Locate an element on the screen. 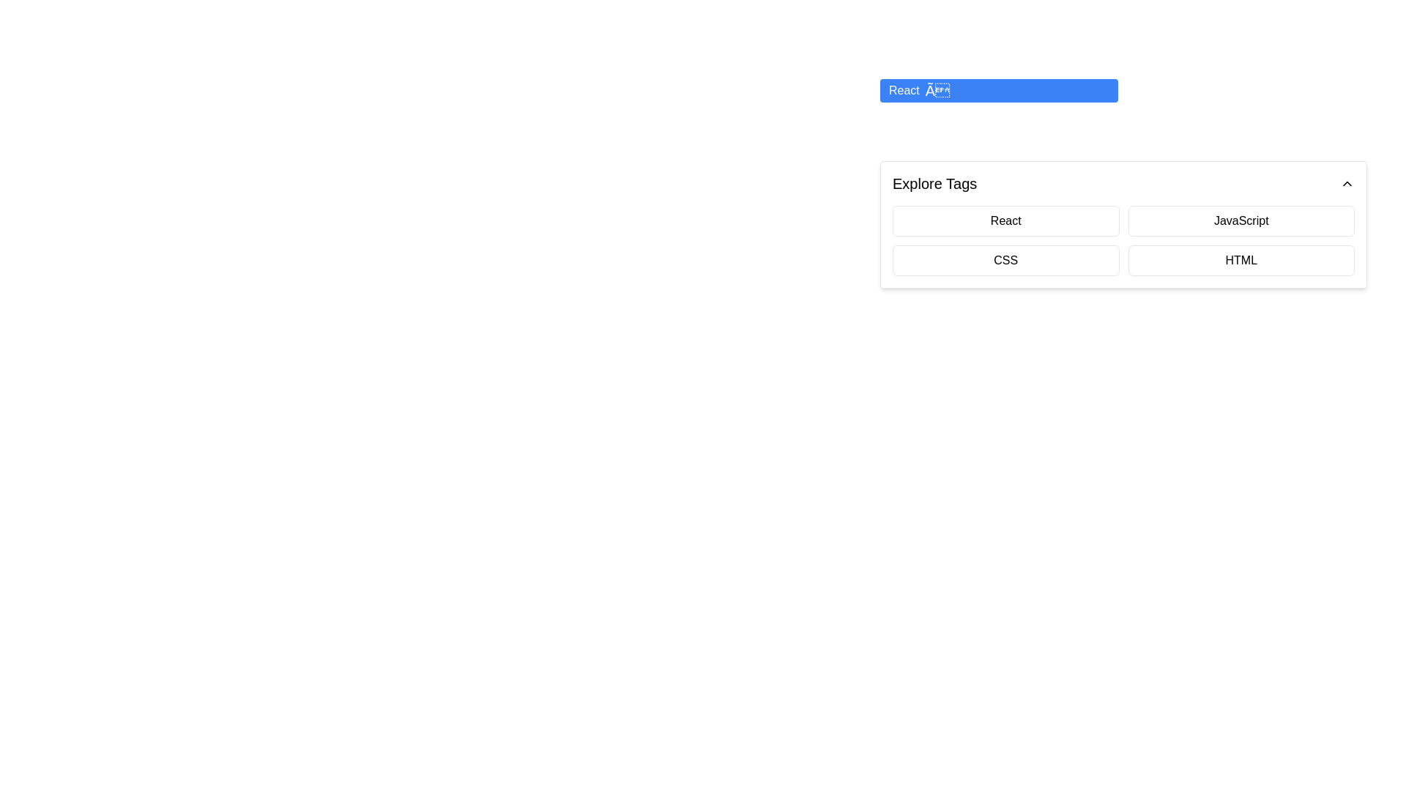 The height and width of the screenshot is (791, 1406). the 'Explore Tags' static text label located in the top left section of the panel is located at coordinates (934, 182).